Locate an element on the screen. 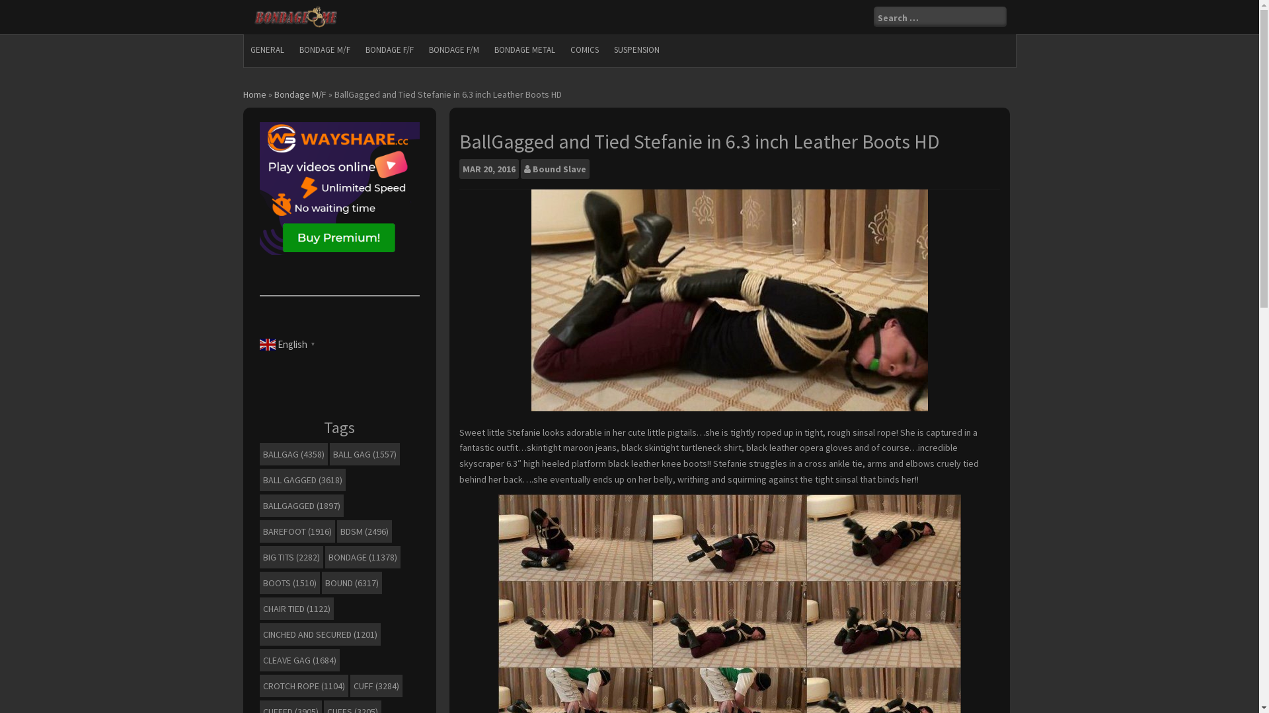 The width and height of the screenshot is (1269, 713). 'CLEAVE GAG (1684)' is located at coordinates (298, 660).